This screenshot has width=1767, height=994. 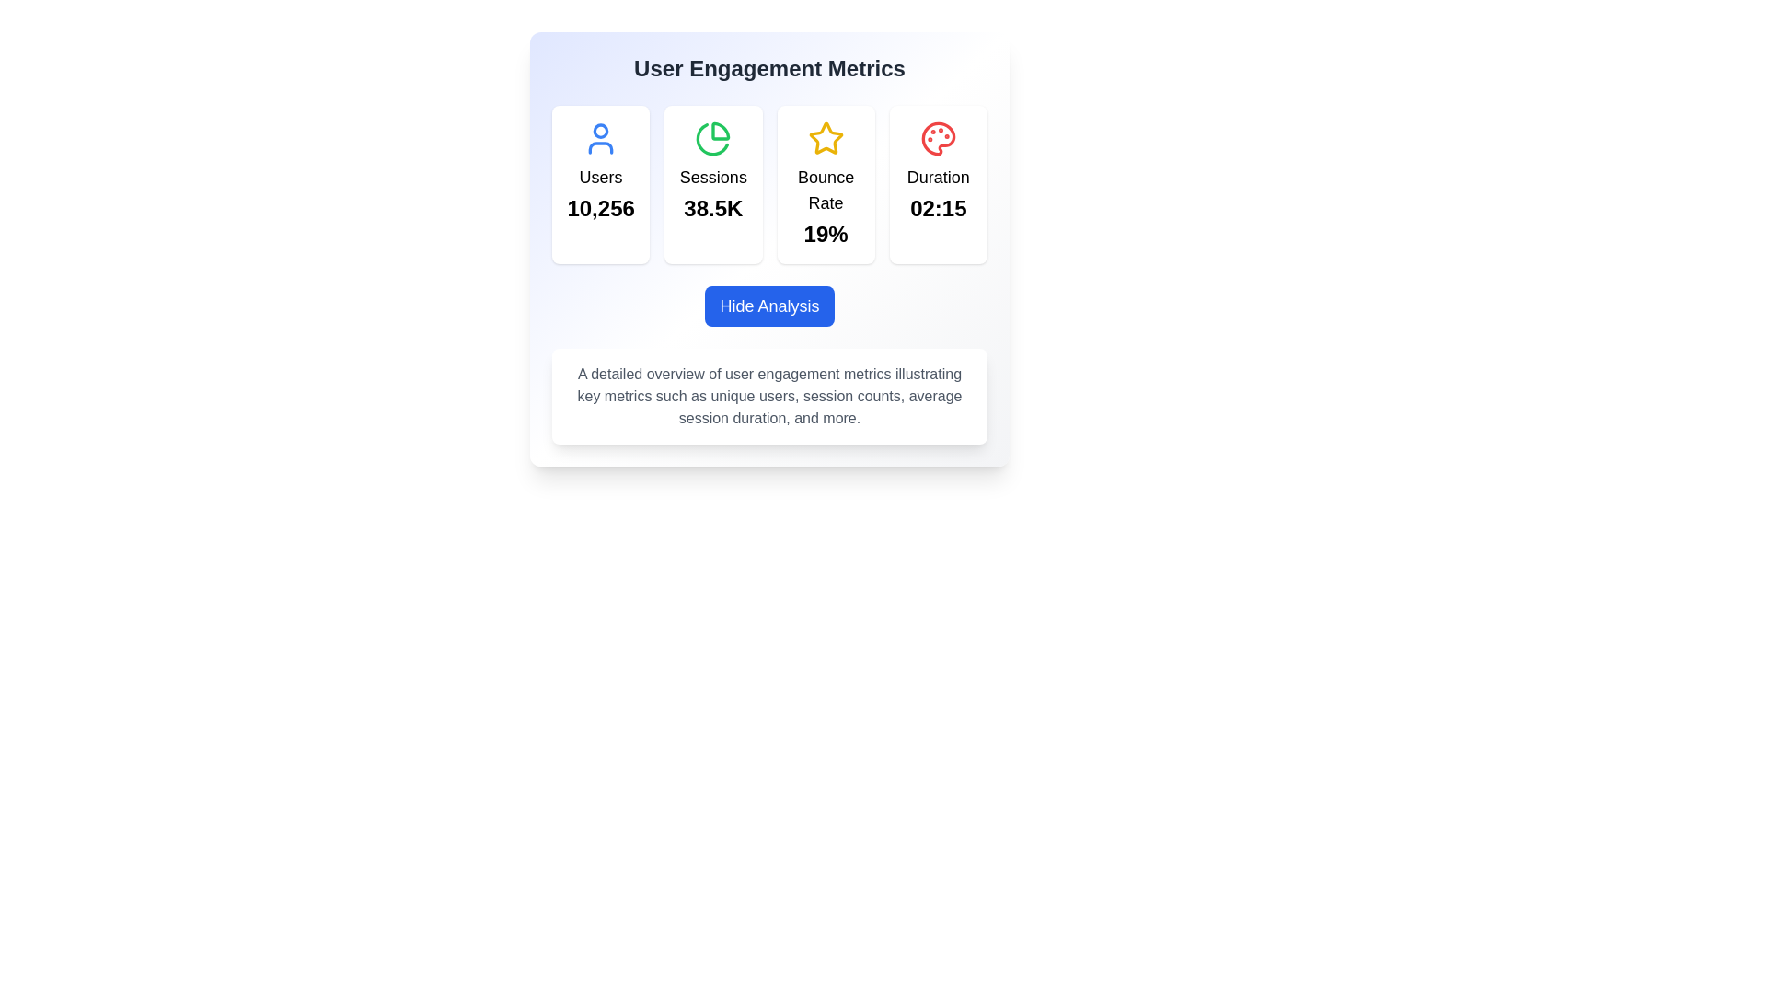 I want to click on the red palette icon located at the top-right corner of the 'Duration' card, which is part of the 'User Engagement Metrics' section, so click(x=938, y=137).